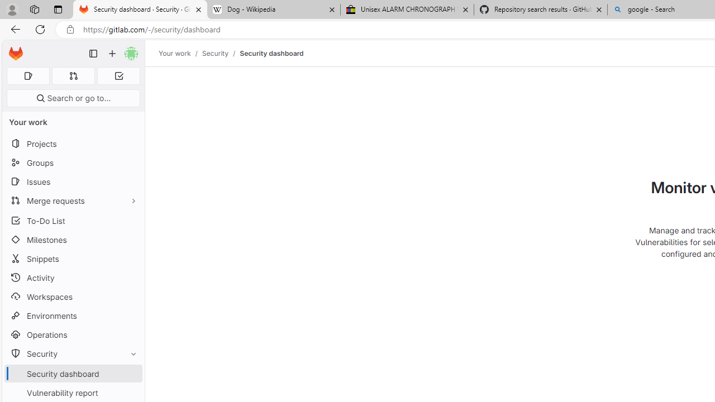 This screenshot has height=402, width=715. Describe the element at coordinates (73, 315) in the screenshot. I see `'Environments'` at that location.